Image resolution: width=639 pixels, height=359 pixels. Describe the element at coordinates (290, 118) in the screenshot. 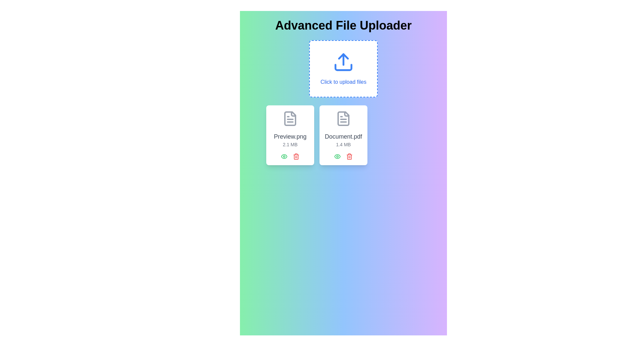

I see `the leftmost file document icon, which has a folded corner and is styled in gray` at that location.